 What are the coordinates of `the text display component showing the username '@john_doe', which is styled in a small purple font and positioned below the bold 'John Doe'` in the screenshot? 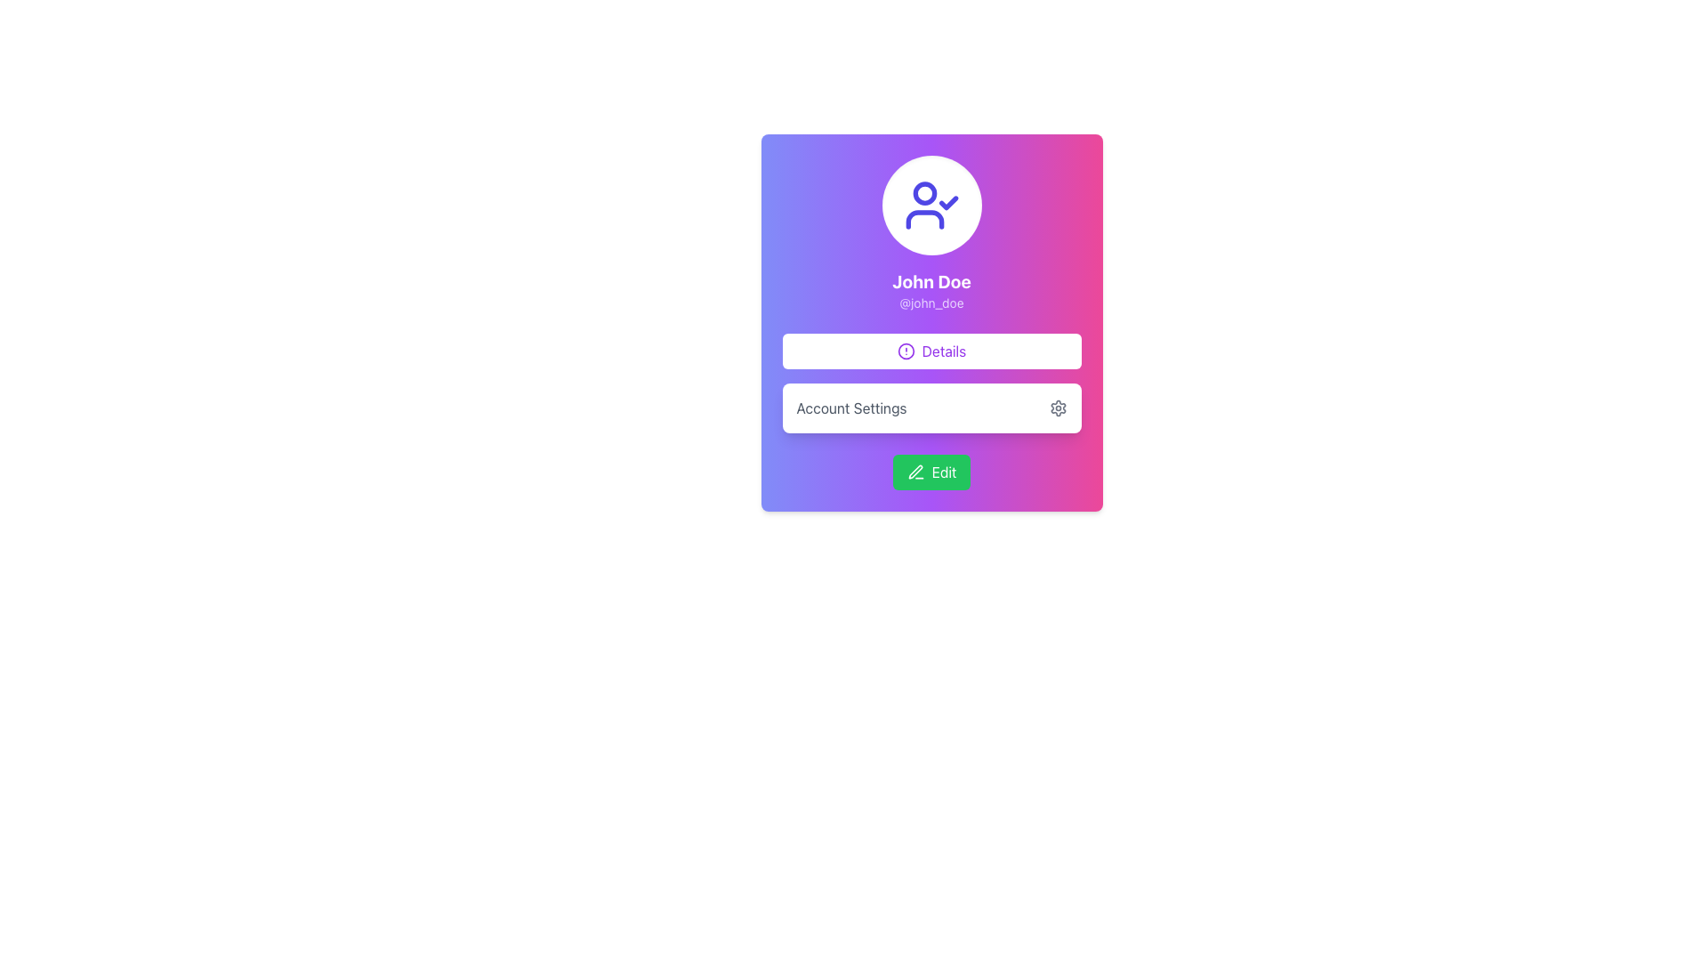 It's located at (931, 302).